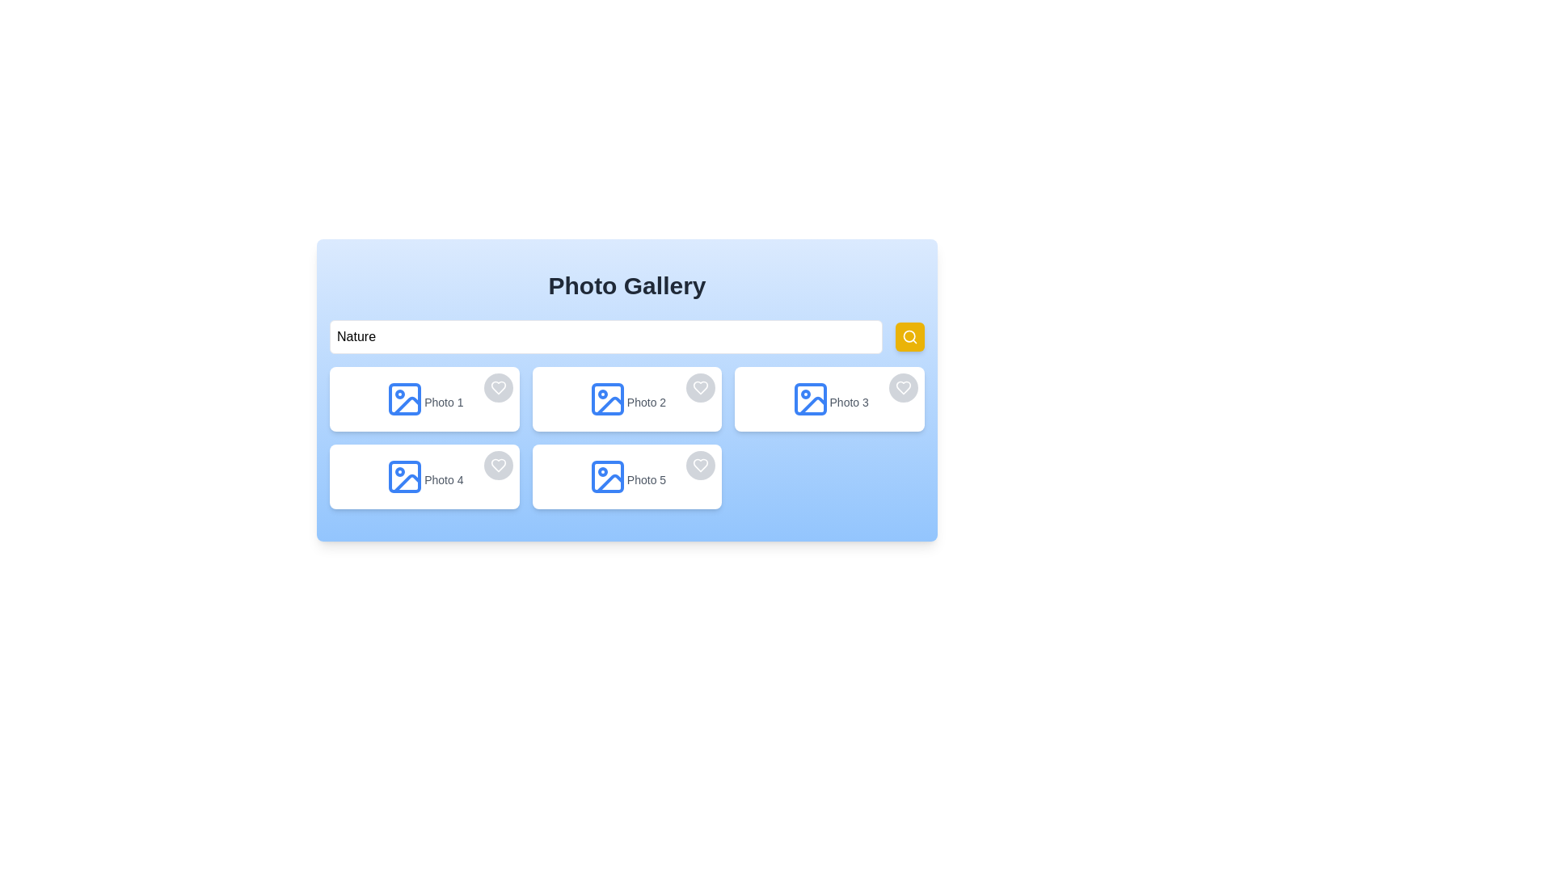 The height and width of the screenshot is (873, 1552). Describe the element at coordinates (405, 399) in the screenshot. I see `the small, rounded rectangle located near the top-left corner of the image placeholder icon, characterized by a white or light-colored background` at that location.